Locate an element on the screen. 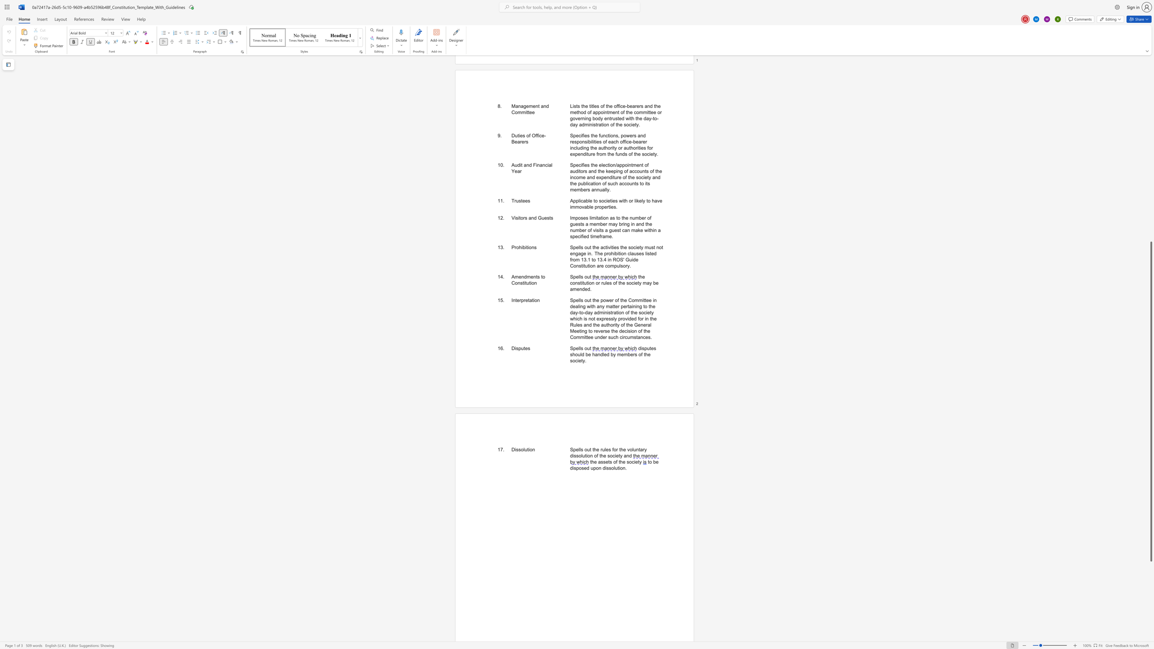 The image size is (1154, 649). the subset text "sed" within the text "to be disposed upon dissolution." is located at coordinates (581, 468).